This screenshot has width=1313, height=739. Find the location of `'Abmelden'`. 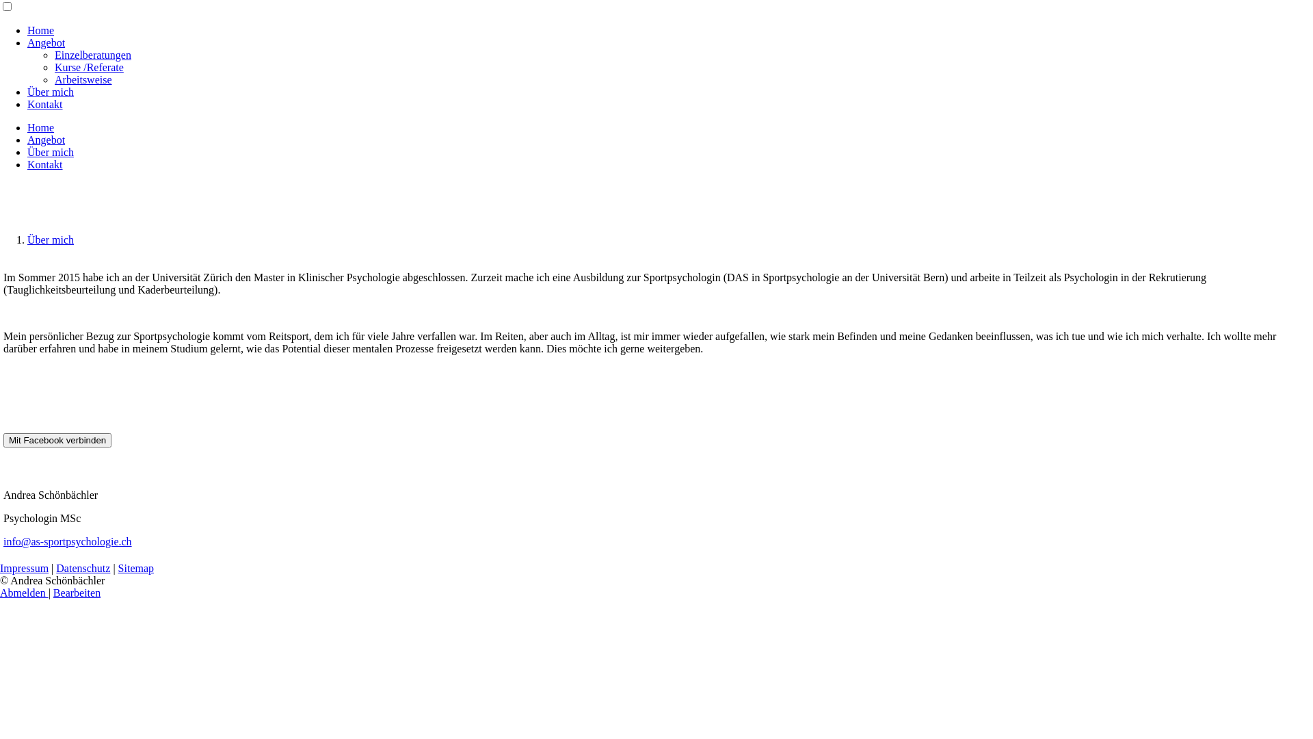

'Abmelden' is located at coordinates (24, 592).